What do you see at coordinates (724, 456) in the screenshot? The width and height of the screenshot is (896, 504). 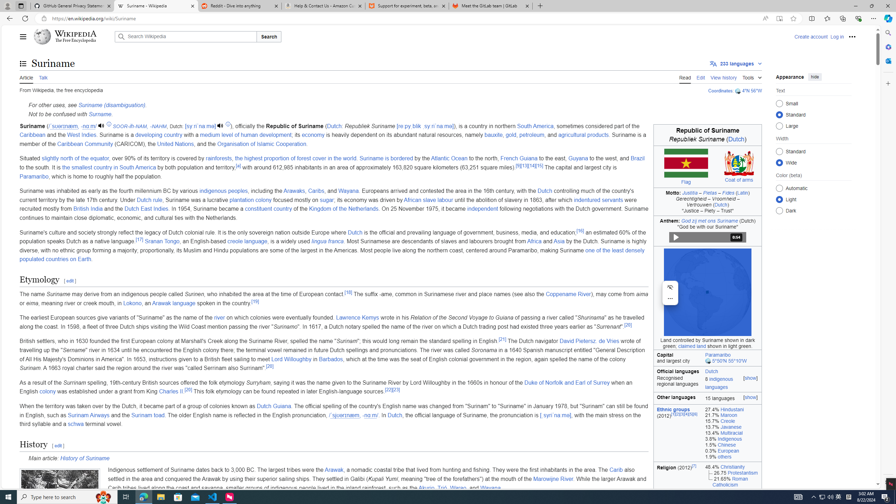 I see `'others'` at bounding box center [724, 456].